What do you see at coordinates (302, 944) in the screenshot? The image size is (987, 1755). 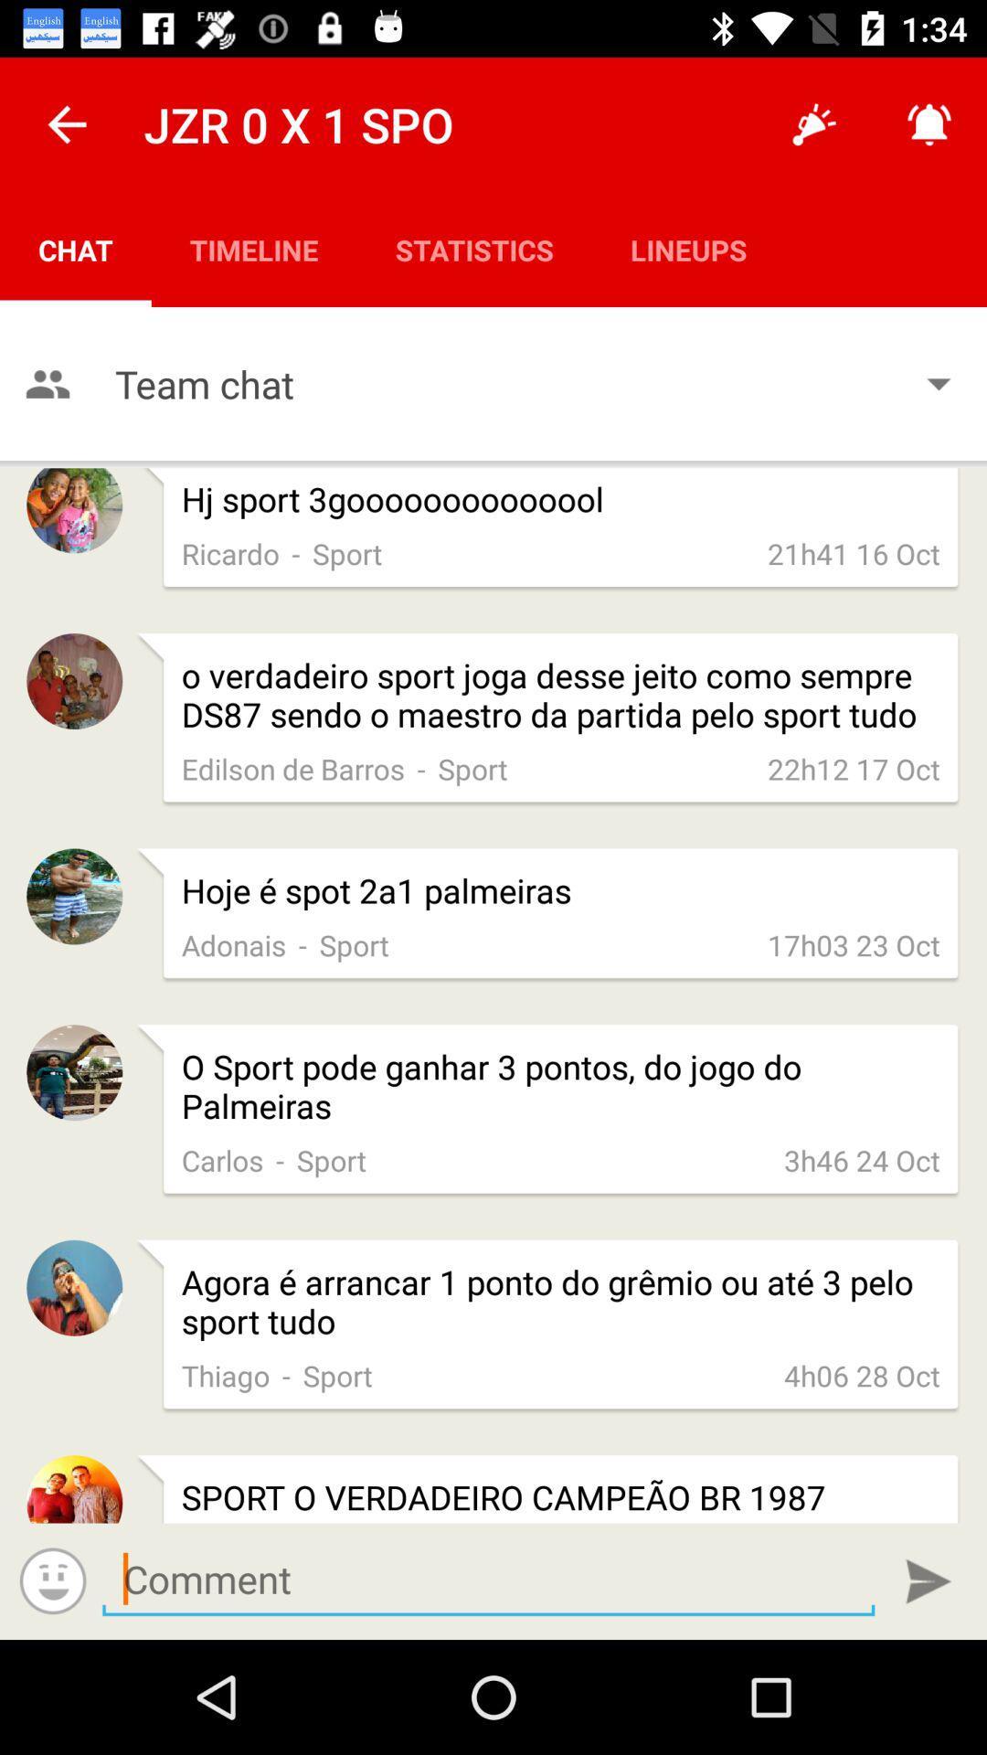 I see `the item above o sport pode` at bounding box center [302, 944].